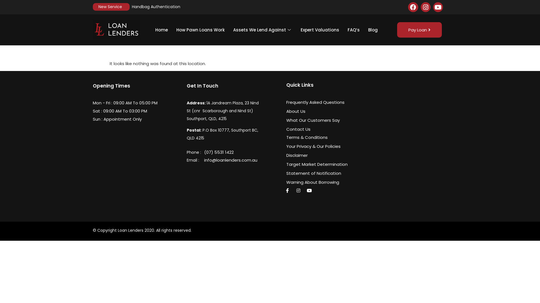 The width and height of the screenshot is (540, 303). I want to click on 'Warning About Borrowing', so click(321, 182).